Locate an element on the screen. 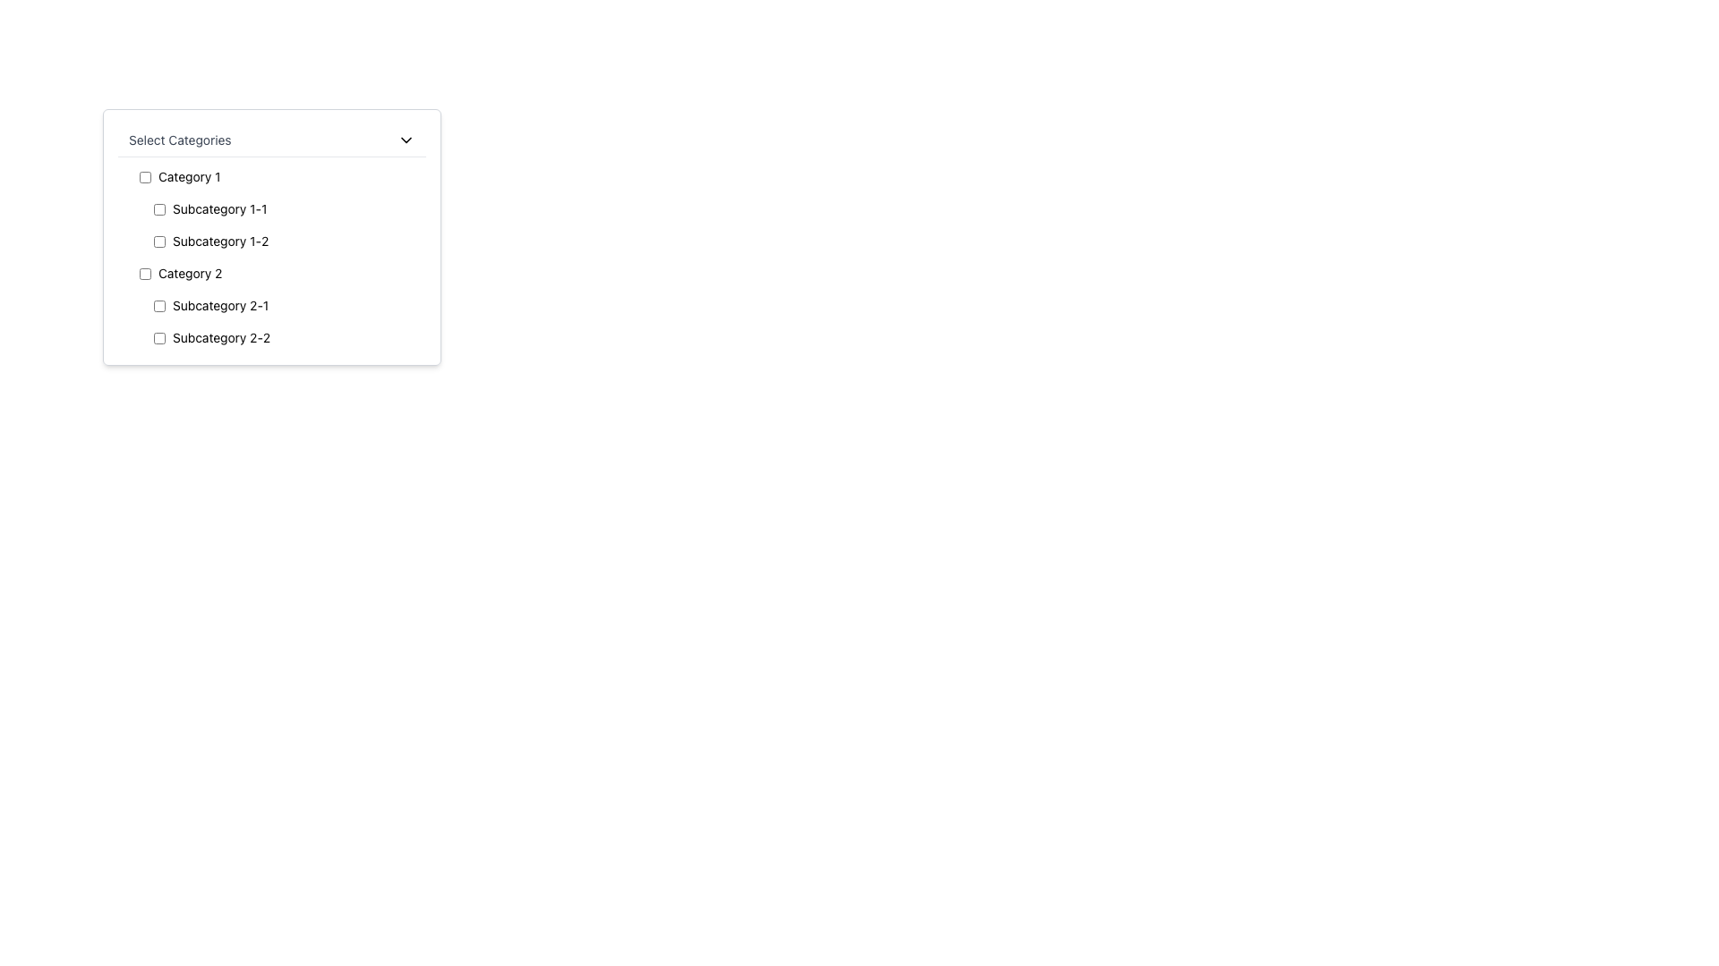  the checkbox of the second subcategory under 'Category 1' is located at coordinates (278, 208).